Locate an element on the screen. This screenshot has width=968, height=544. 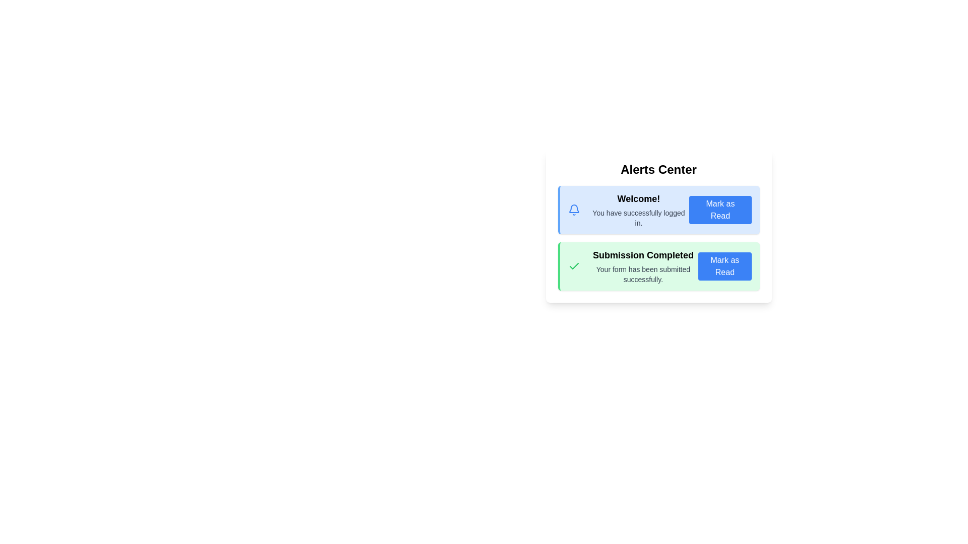
the 'Mark as Read' button, which is a rectangular button with a blue background and white text, located inside a green-highlighted box beneath the heading 'Alerts Center' is located at coordinates (724, 265).